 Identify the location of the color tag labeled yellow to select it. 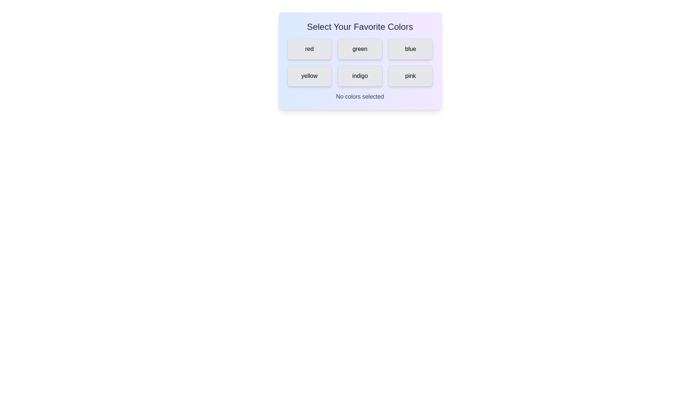
(309, 76).